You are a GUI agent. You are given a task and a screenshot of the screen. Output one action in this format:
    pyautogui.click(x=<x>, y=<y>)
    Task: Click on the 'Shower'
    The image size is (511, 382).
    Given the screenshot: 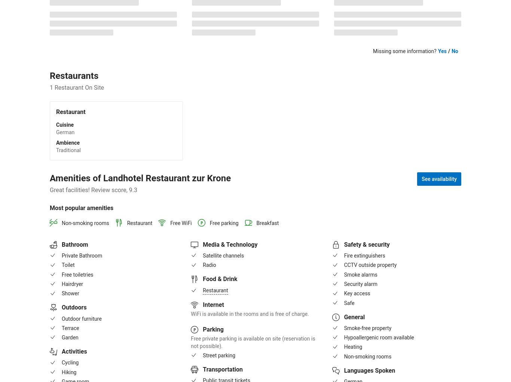 What is the action you would take?
    pyautogui.click(x=61, y=293)
    